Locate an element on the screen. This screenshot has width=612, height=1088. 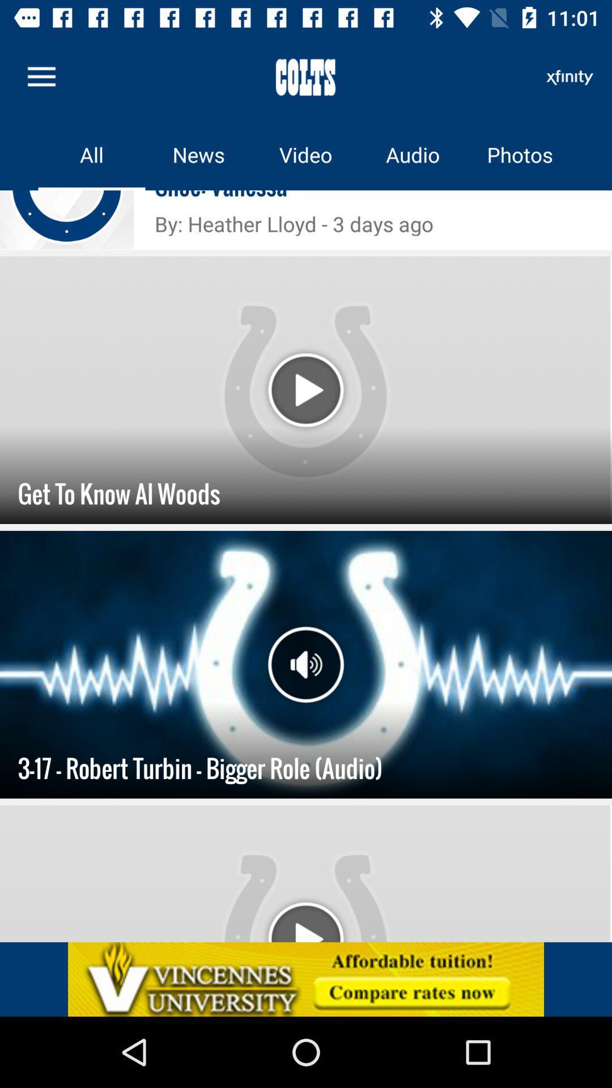
photos is located at coordinates (520, 154).